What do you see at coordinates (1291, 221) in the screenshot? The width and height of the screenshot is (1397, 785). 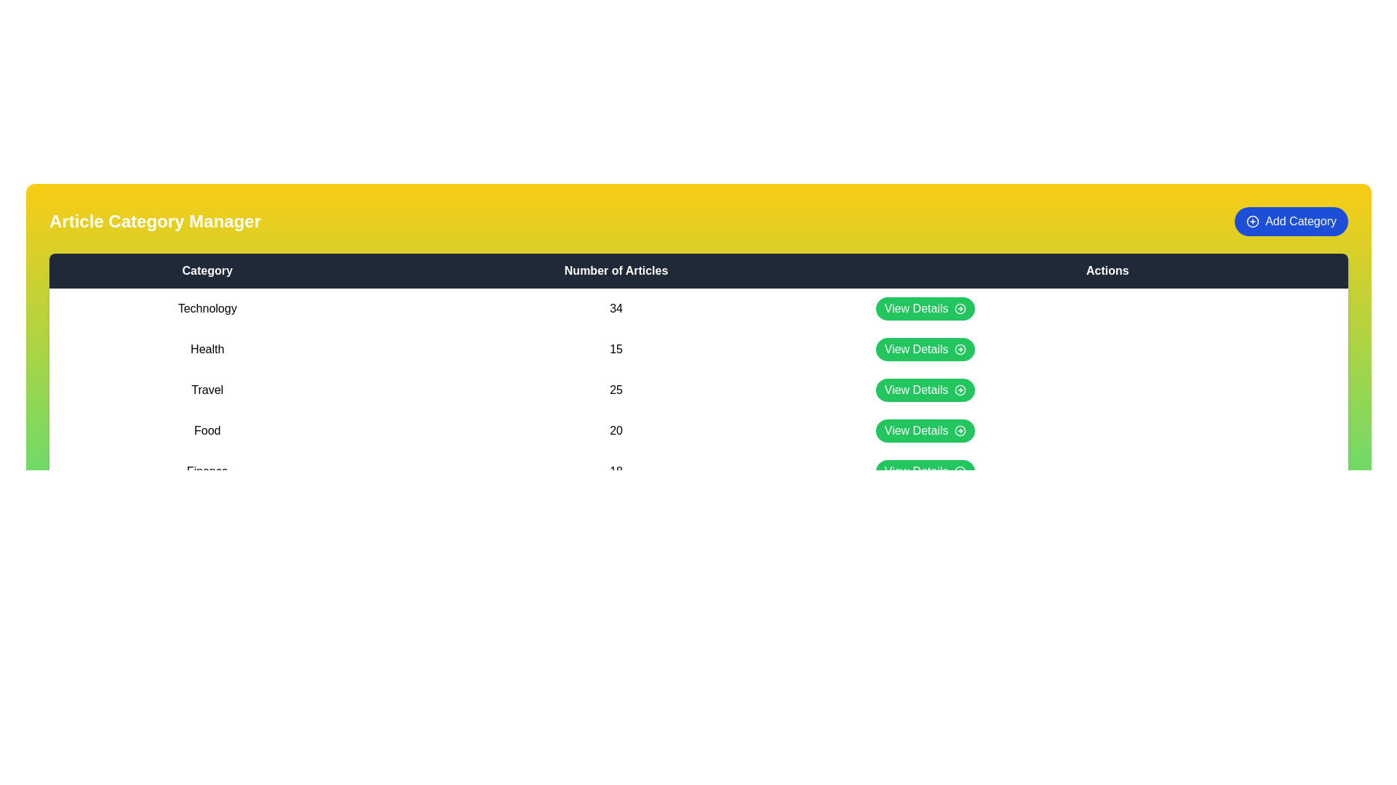 I see `'Add Category' button to initiate the process of adding a new category` at bounding box center [1291, 221].